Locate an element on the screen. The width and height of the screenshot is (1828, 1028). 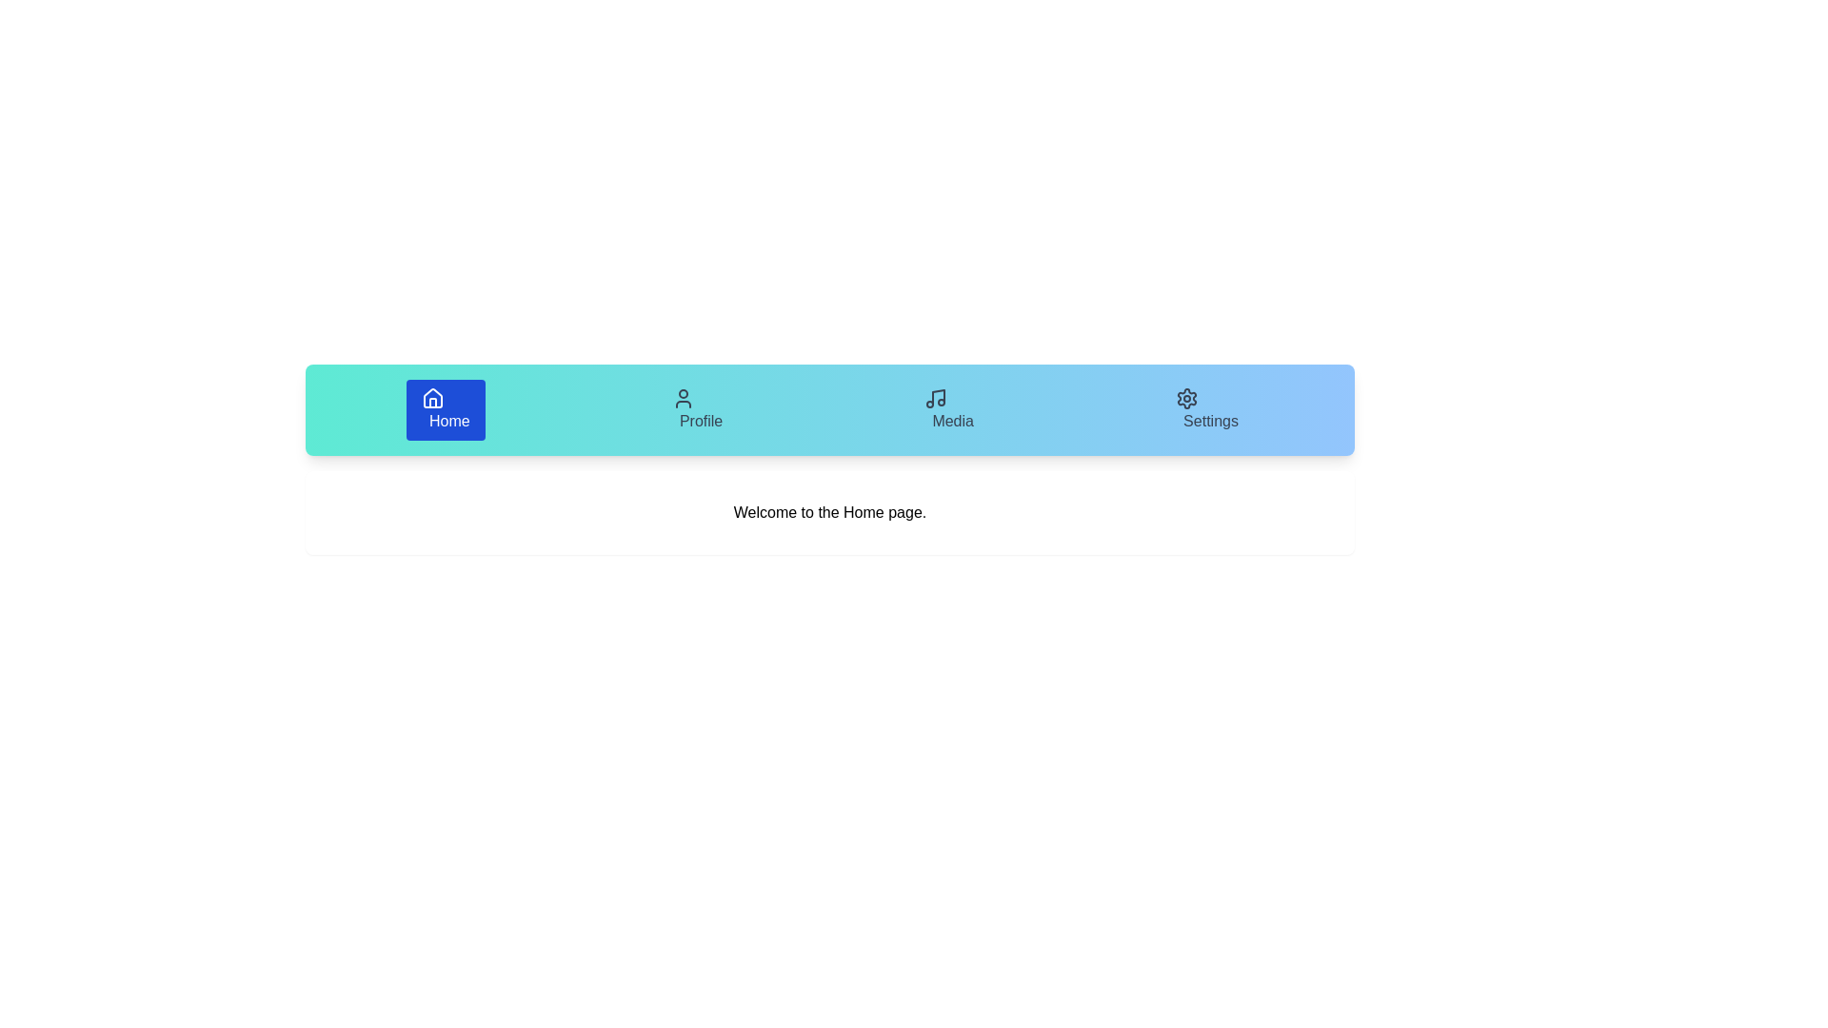
the tab labeled Profile to view its content is located at coordinates (696, 409).